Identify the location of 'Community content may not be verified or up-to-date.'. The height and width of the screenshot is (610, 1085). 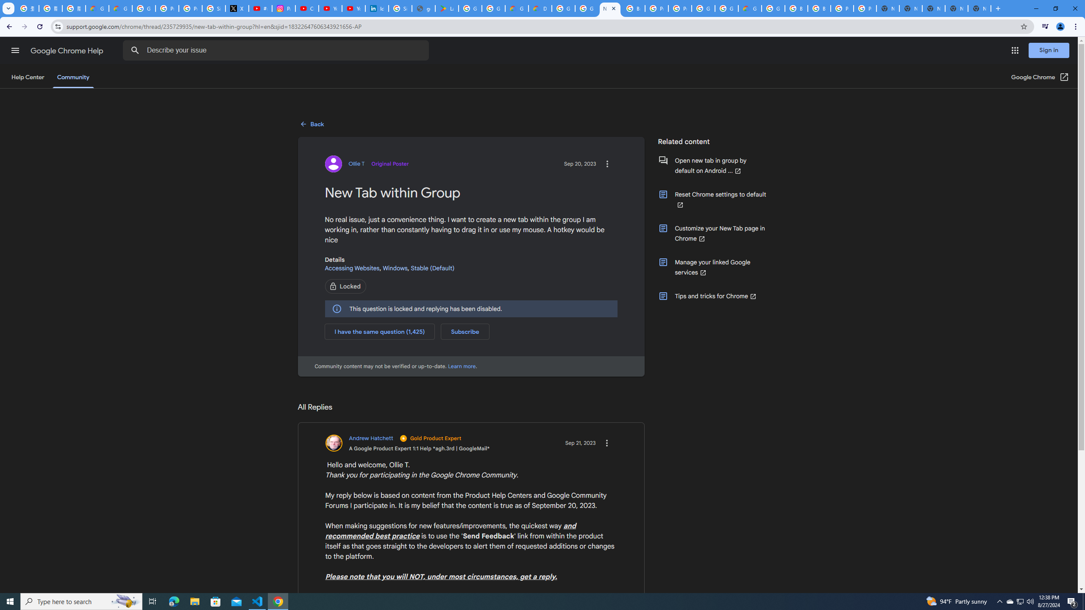
(462, 366).